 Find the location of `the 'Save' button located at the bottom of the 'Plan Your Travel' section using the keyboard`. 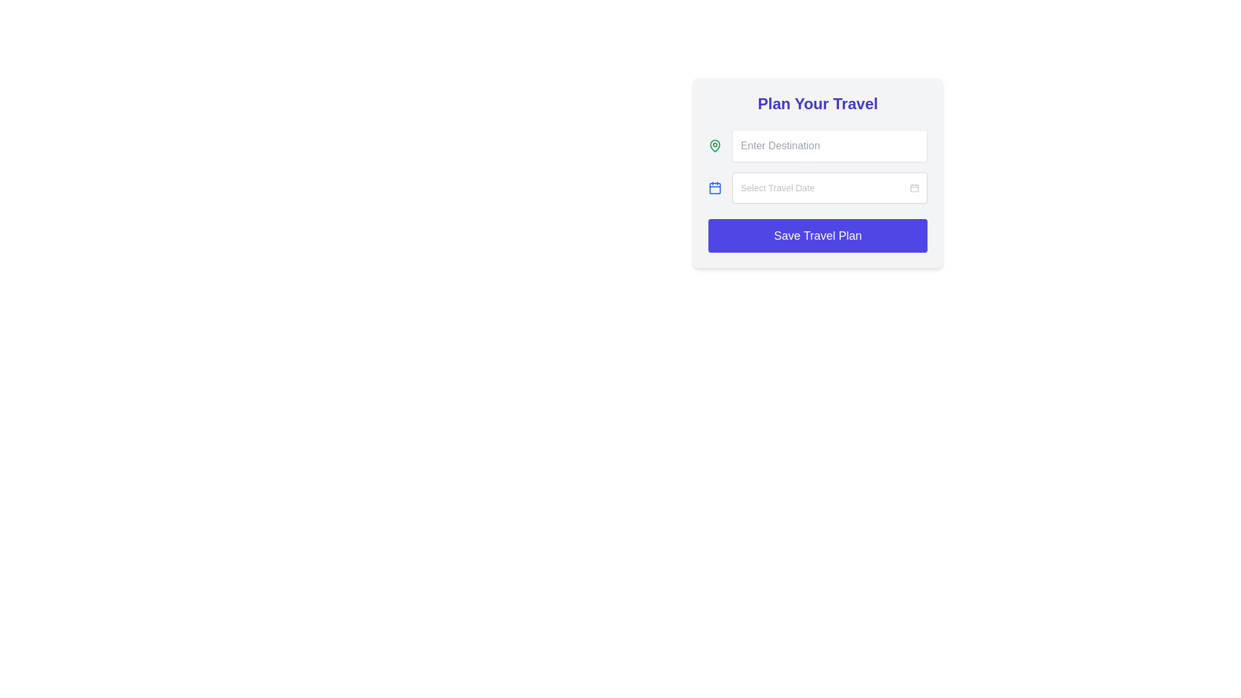

the 'Save' button located at the bottom of the 'Plan Your Travel' section using the keyboard is located at coordinates (817, 236).